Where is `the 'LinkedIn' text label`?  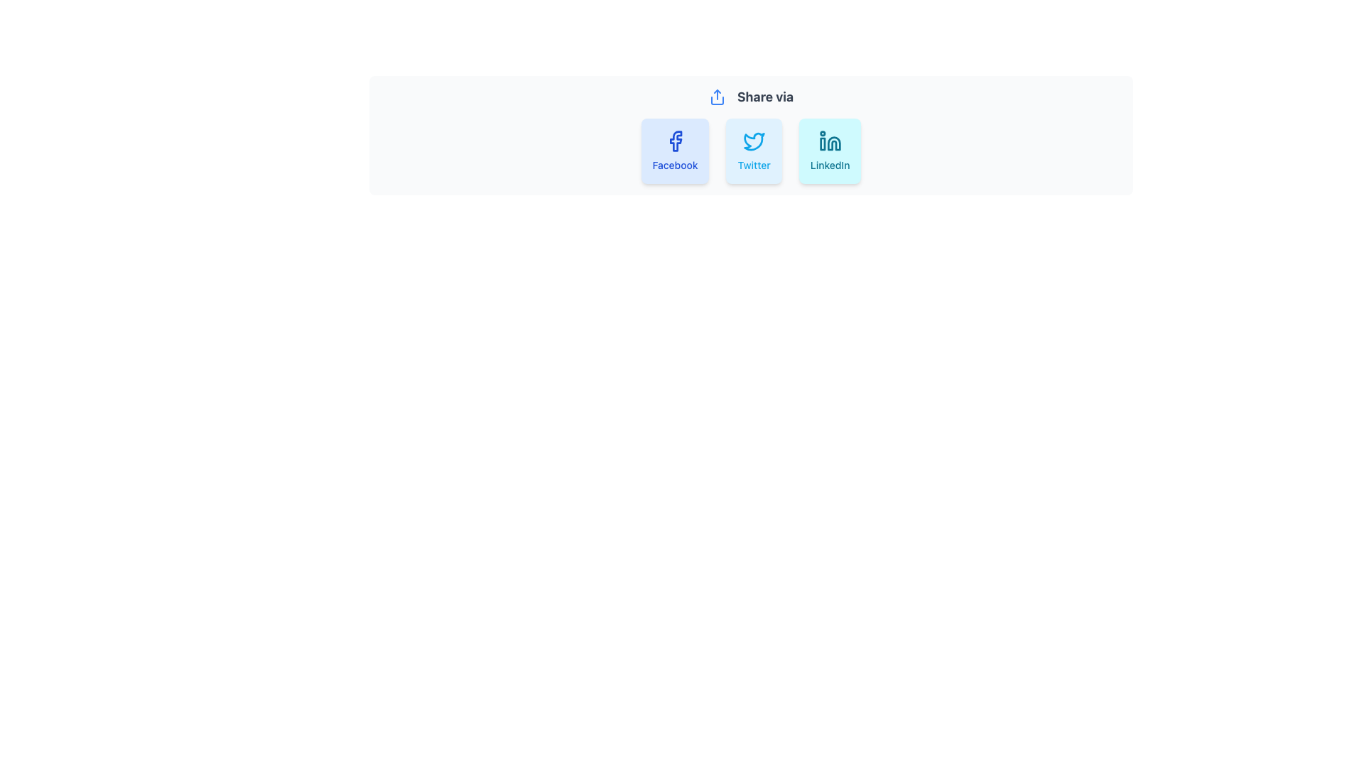 the 'LinkedIn' text label is located at coordinates (830, 164).